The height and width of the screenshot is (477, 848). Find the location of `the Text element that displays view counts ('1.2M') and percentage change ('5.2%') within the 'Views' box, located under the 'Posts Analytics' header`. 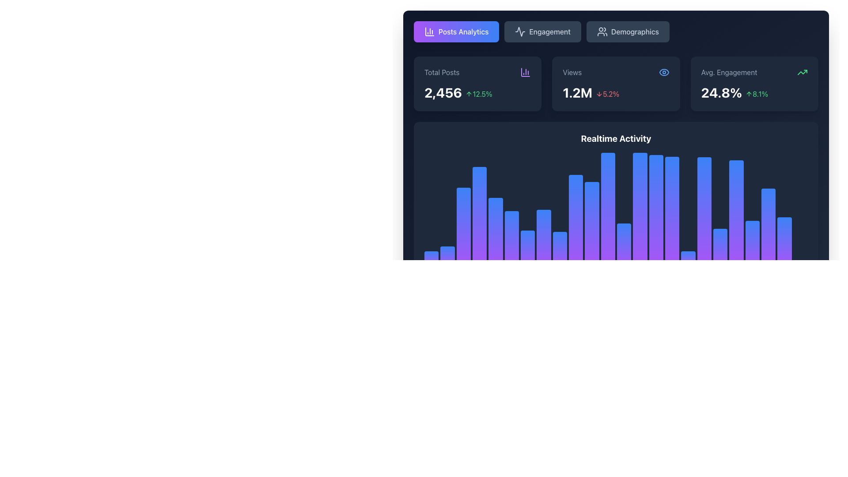

the Text element that displays view counts ('1.2M') and percentage change ('5.2%') within the 'Views' box, located under the 'Posts Analytics' header is located at coordinates (616, 92).